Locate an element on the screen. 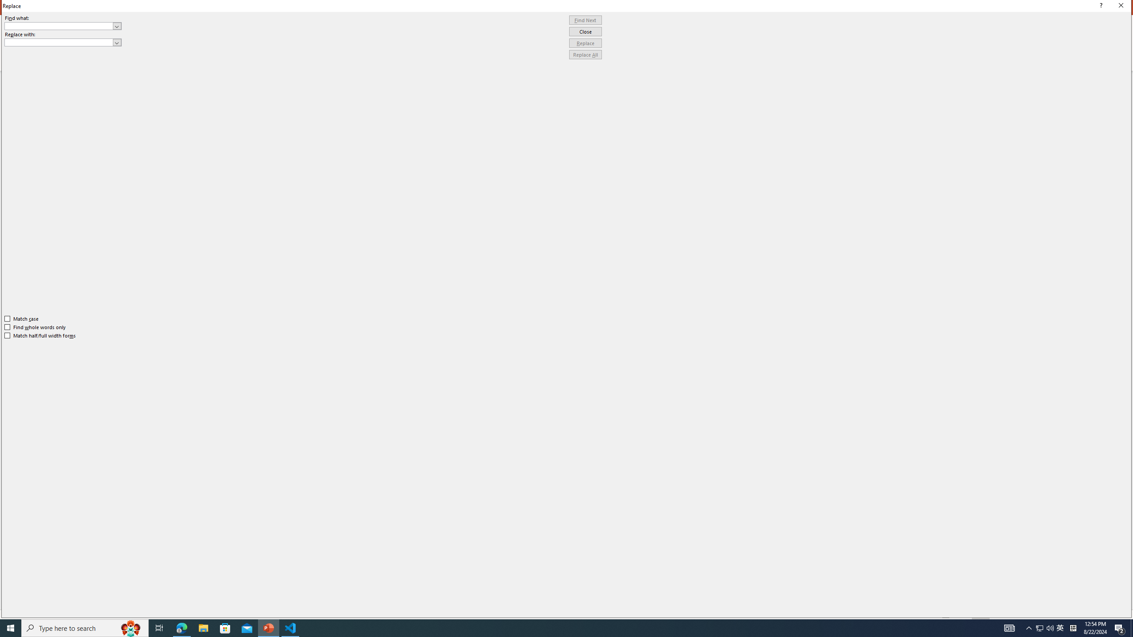 The image size is (1133, 637). 'Match case' is located at coordinates (21, 318).